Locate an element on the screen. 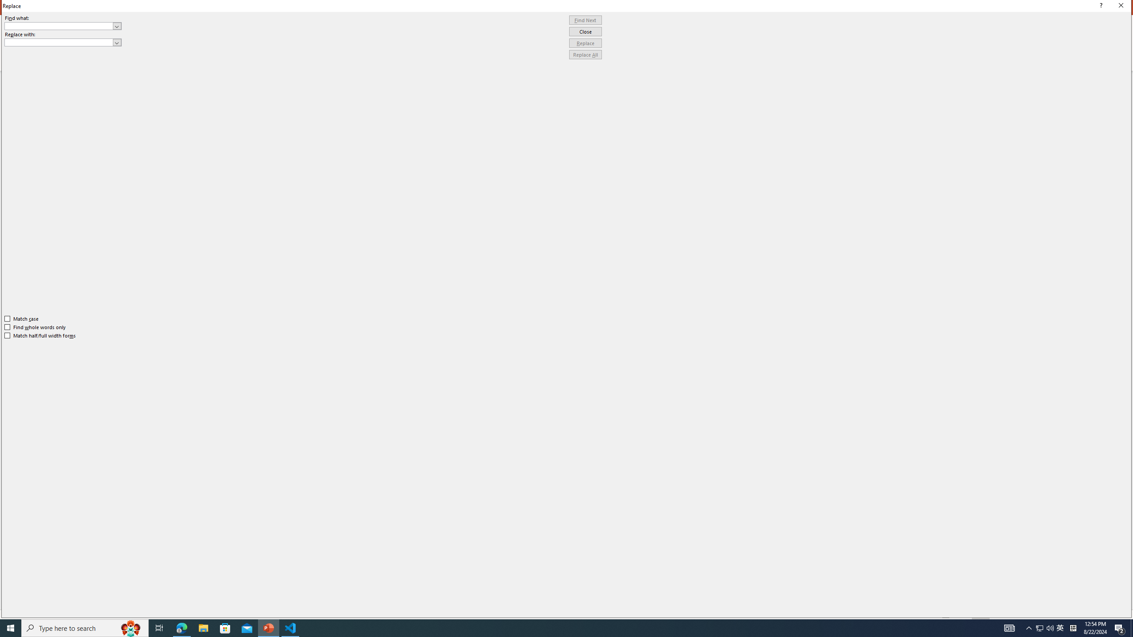 The image size is (1133, 637). 'Match case' is located at coordinates (21, 318).